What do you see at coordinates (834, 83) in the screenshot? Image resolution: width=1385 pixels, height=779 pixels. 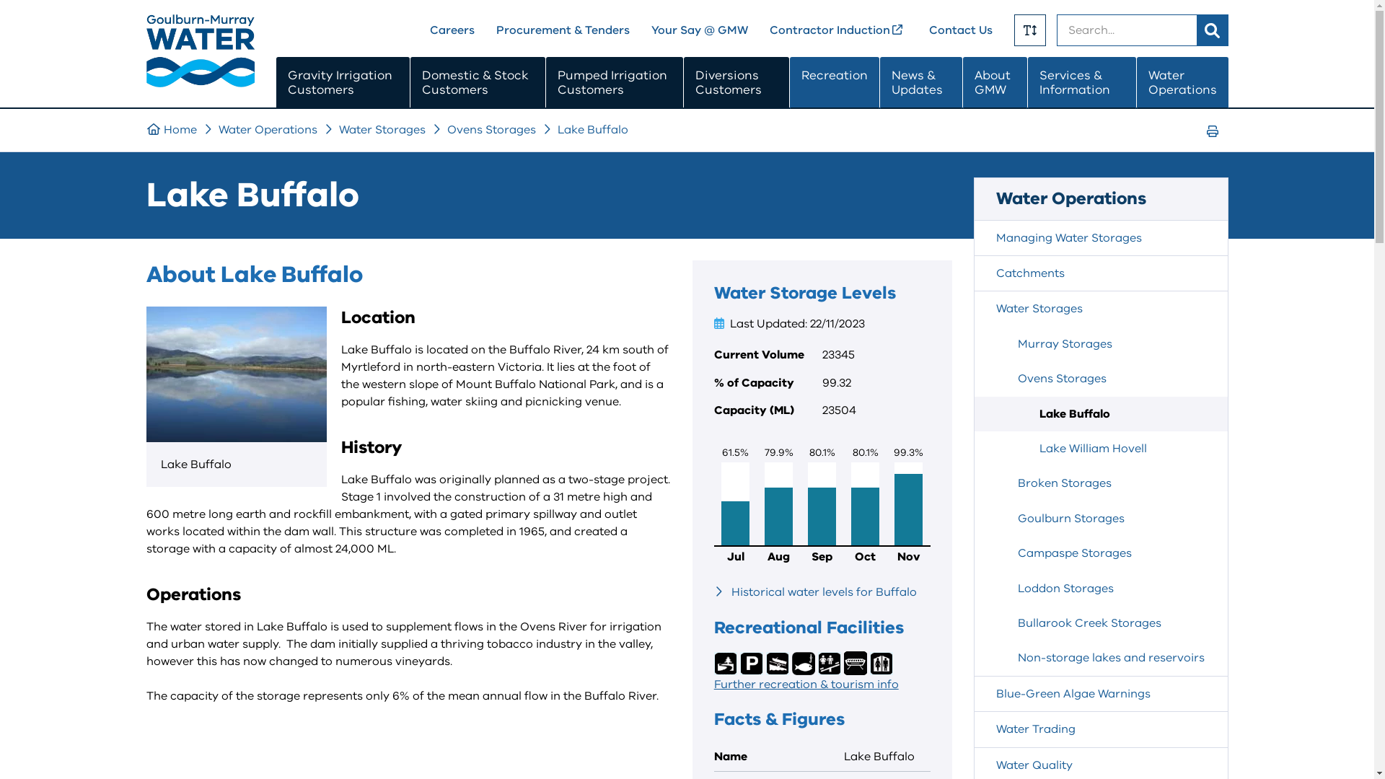 I see `'Recreation'` at bounding box center [834, 83].